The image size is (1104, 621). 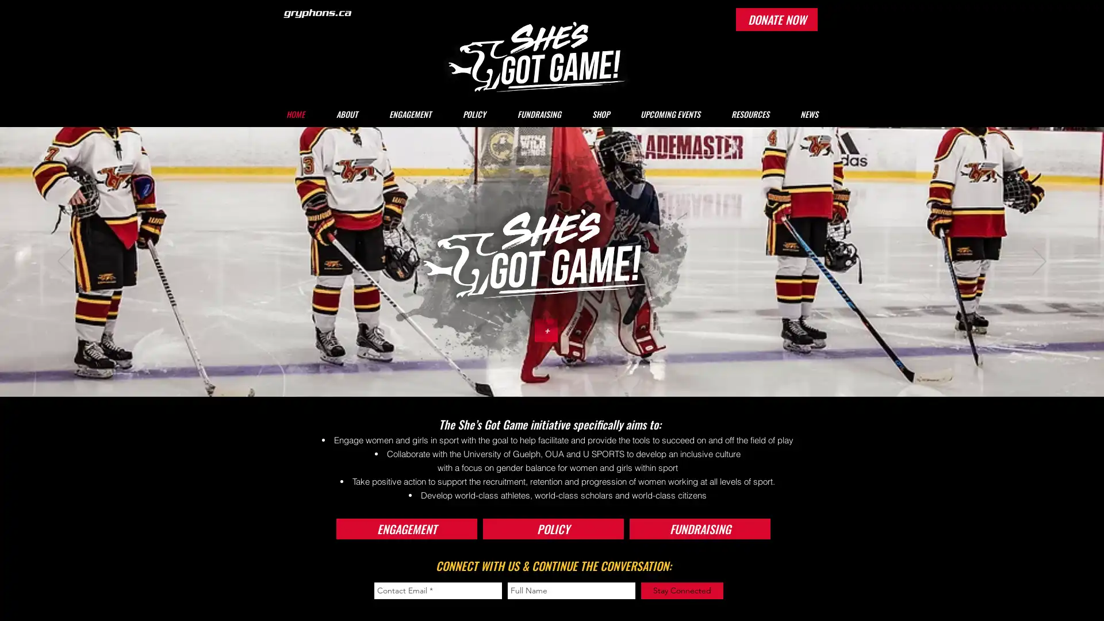 I want to click on Back to site, so click(x=393, y=220).